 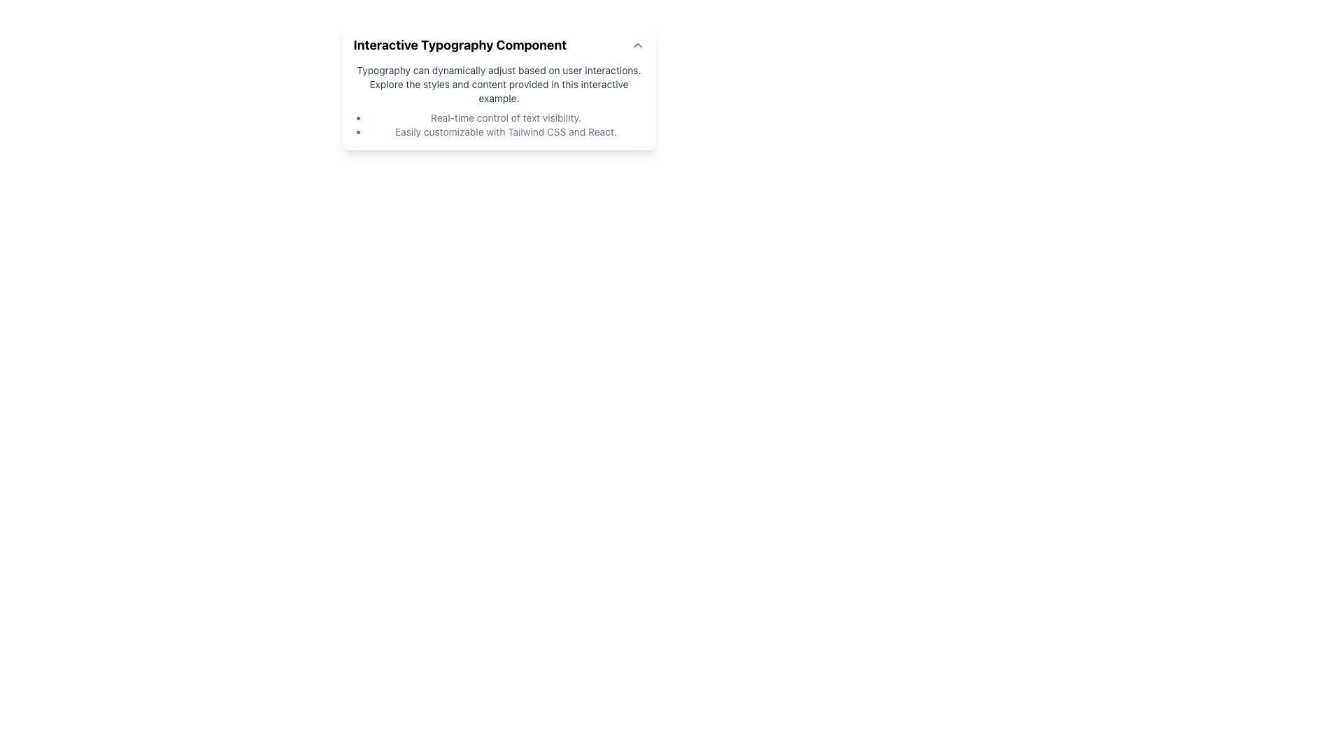 What do you see at coordinates (505, 132) in the screenshot?
I see `text element that contains the content 'Easily customizable with Tailwind CSS and React.' which is the second item in a bulleted list` at bounding box center [505, 132].